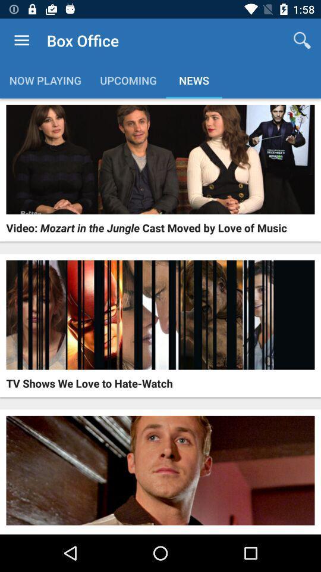 This screenshot has width=321, height=572. I want to click on item to the left of the box office, so click(21, 41).